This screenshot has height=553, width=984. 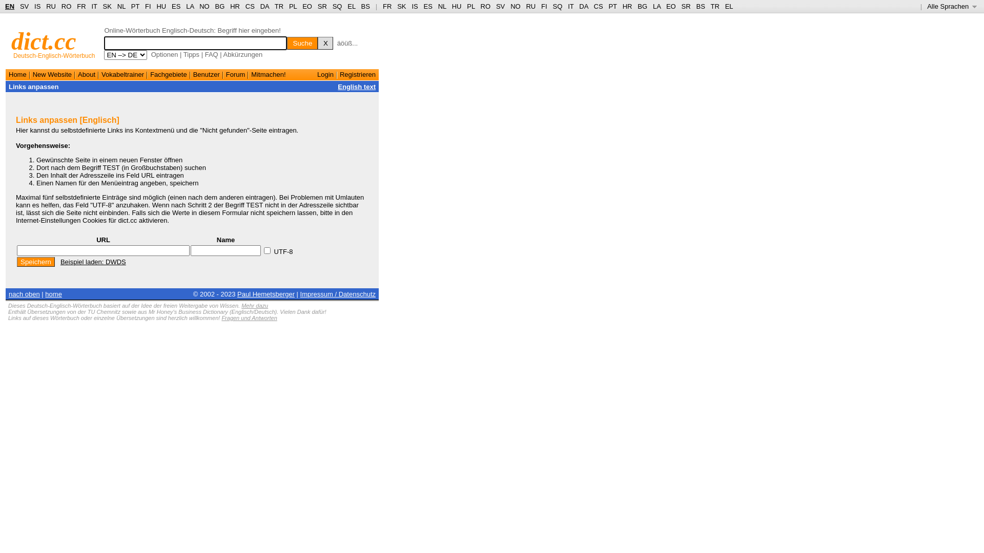 What do you see at coordinates (570, 6) in the screenshot?
I see `'IT'` at bounding box center [570, 6].